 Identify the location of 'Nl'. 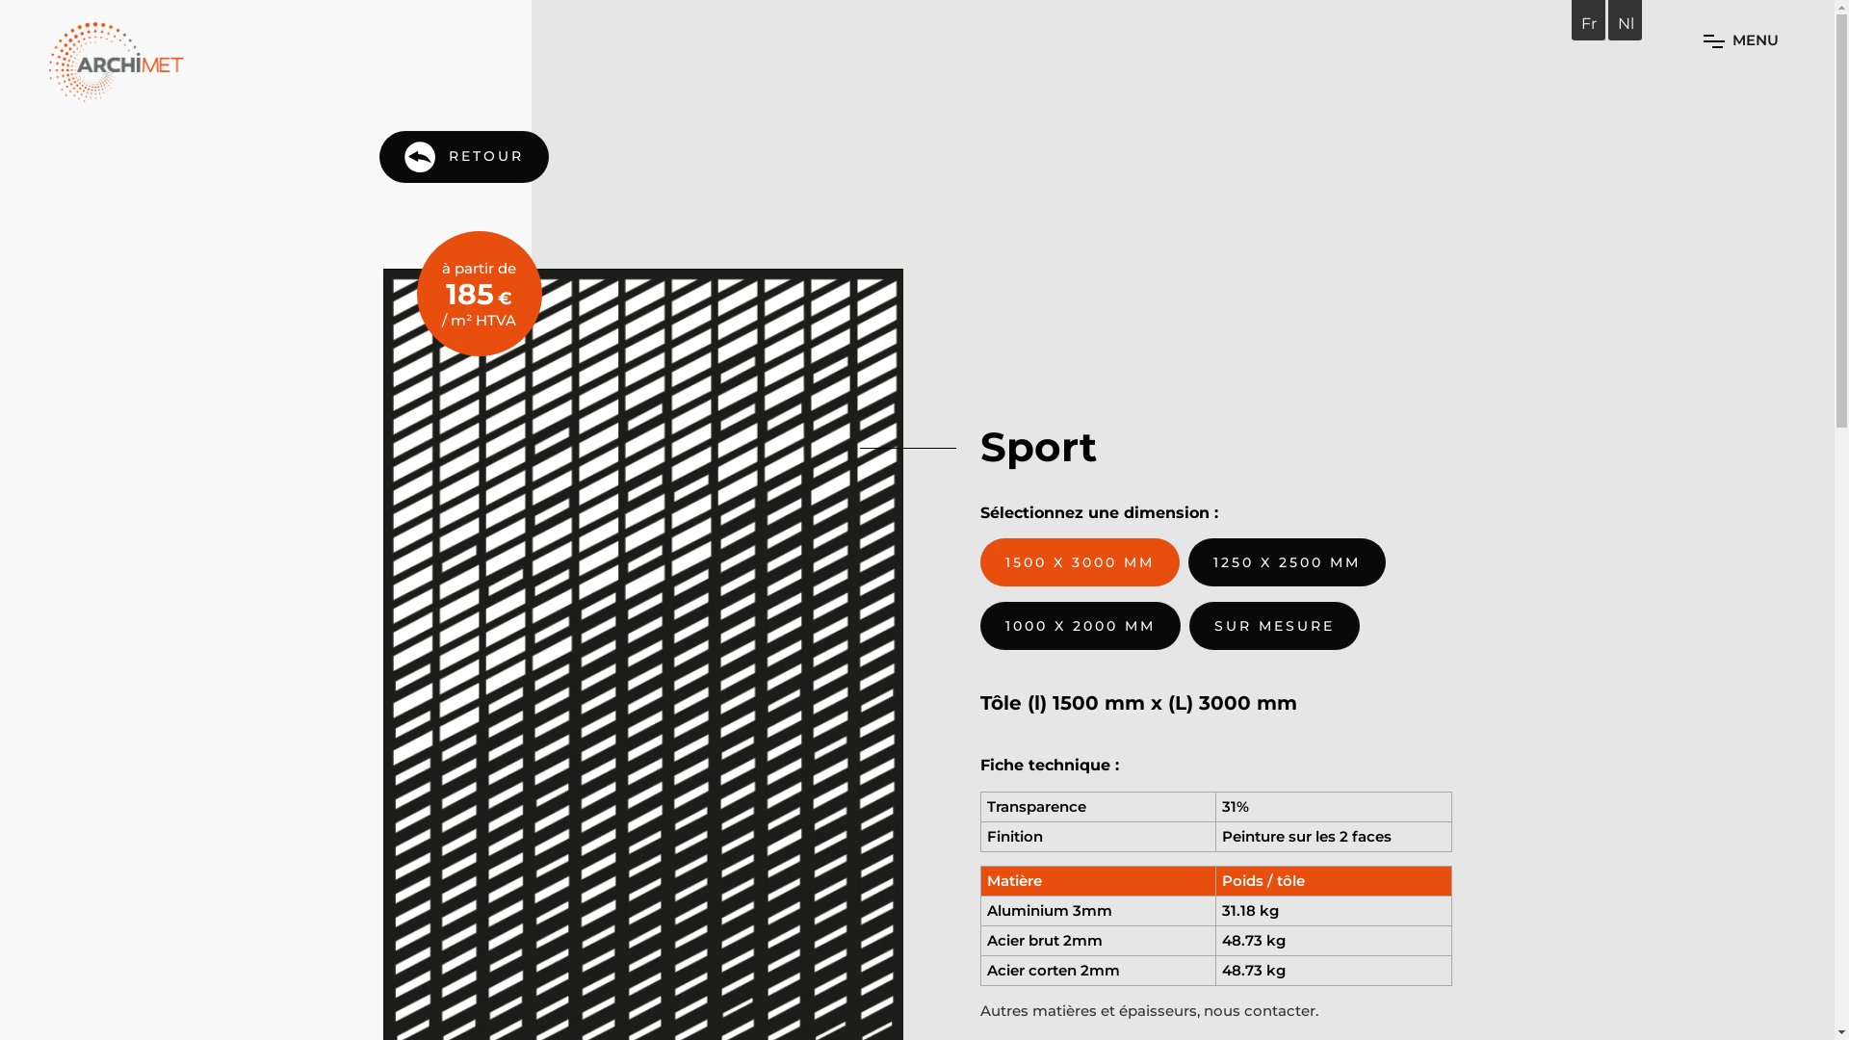
(1625, 23).